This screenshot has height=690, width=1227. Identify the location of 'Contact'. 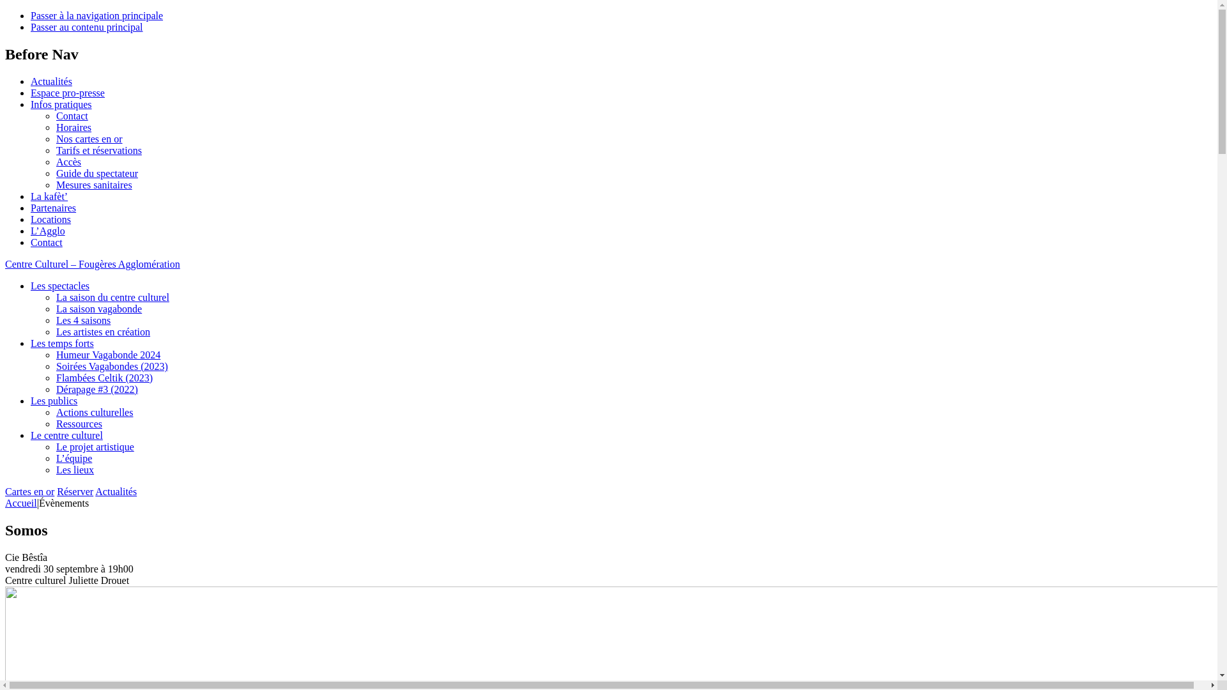
(72, 116).